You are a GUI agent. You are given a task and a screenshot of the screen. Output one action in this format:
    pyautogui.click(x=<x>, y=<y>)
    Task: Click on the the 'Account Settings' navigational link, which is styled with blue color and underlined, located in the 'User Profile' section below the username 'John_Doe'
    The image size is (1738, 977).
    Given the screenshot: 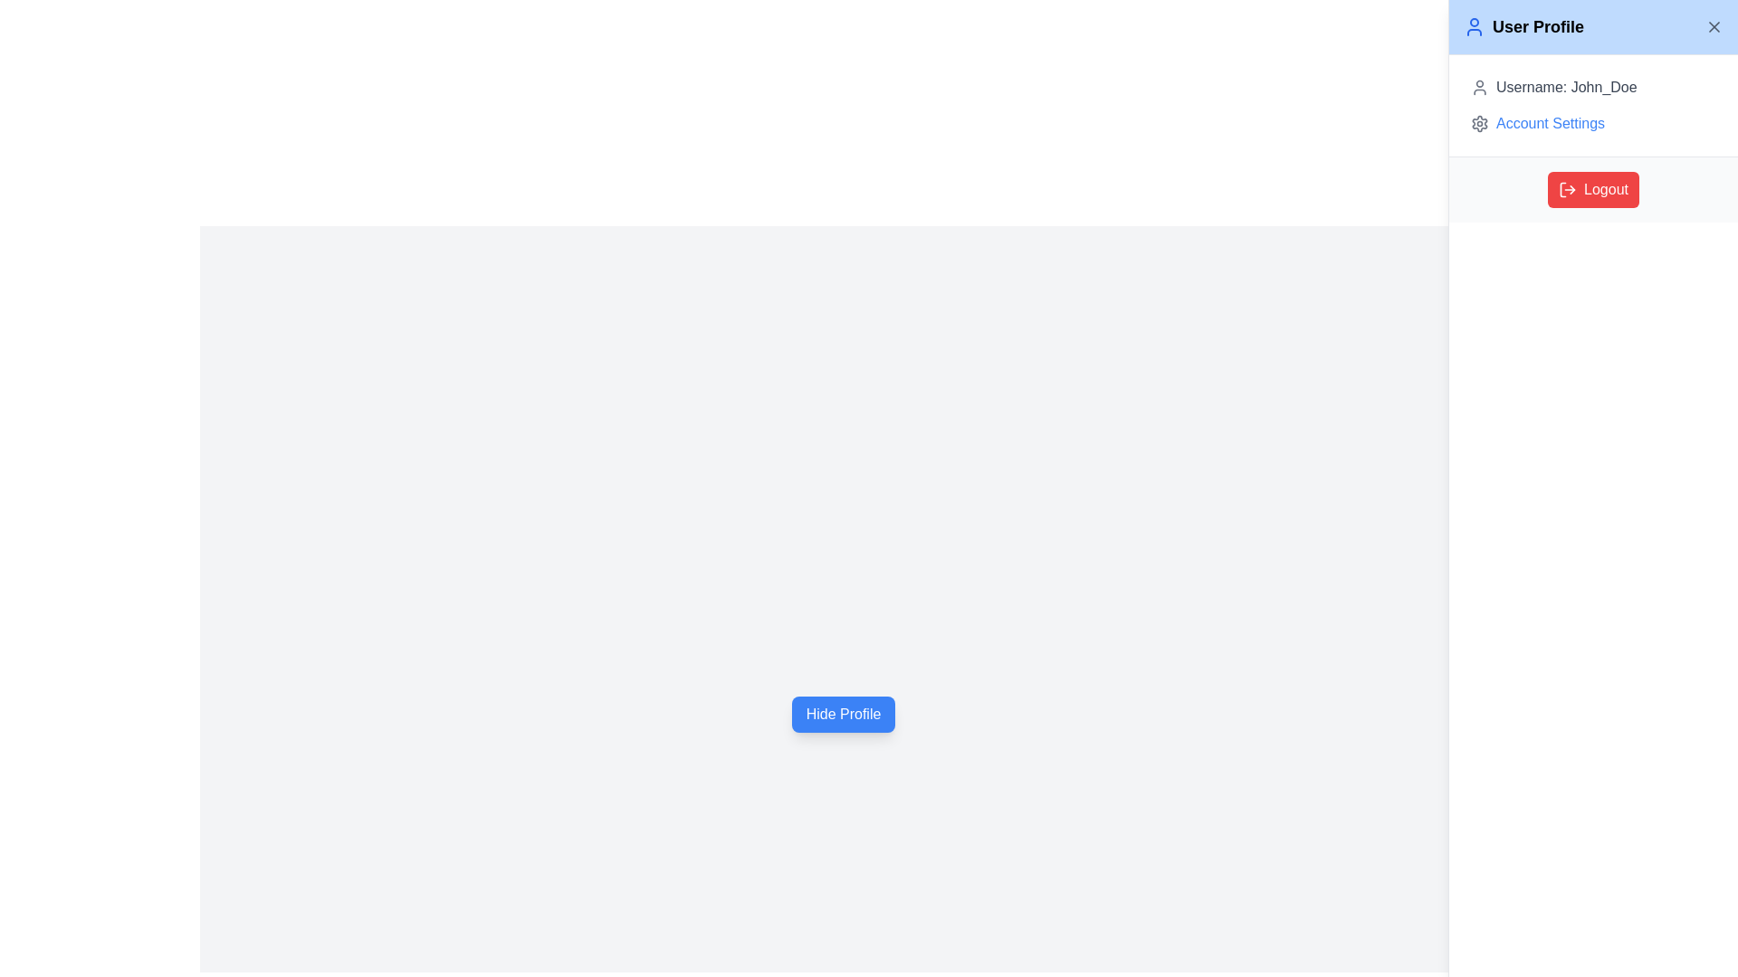 What is the action you would take?
    pyautogui.click(x=1593, y=123)
    